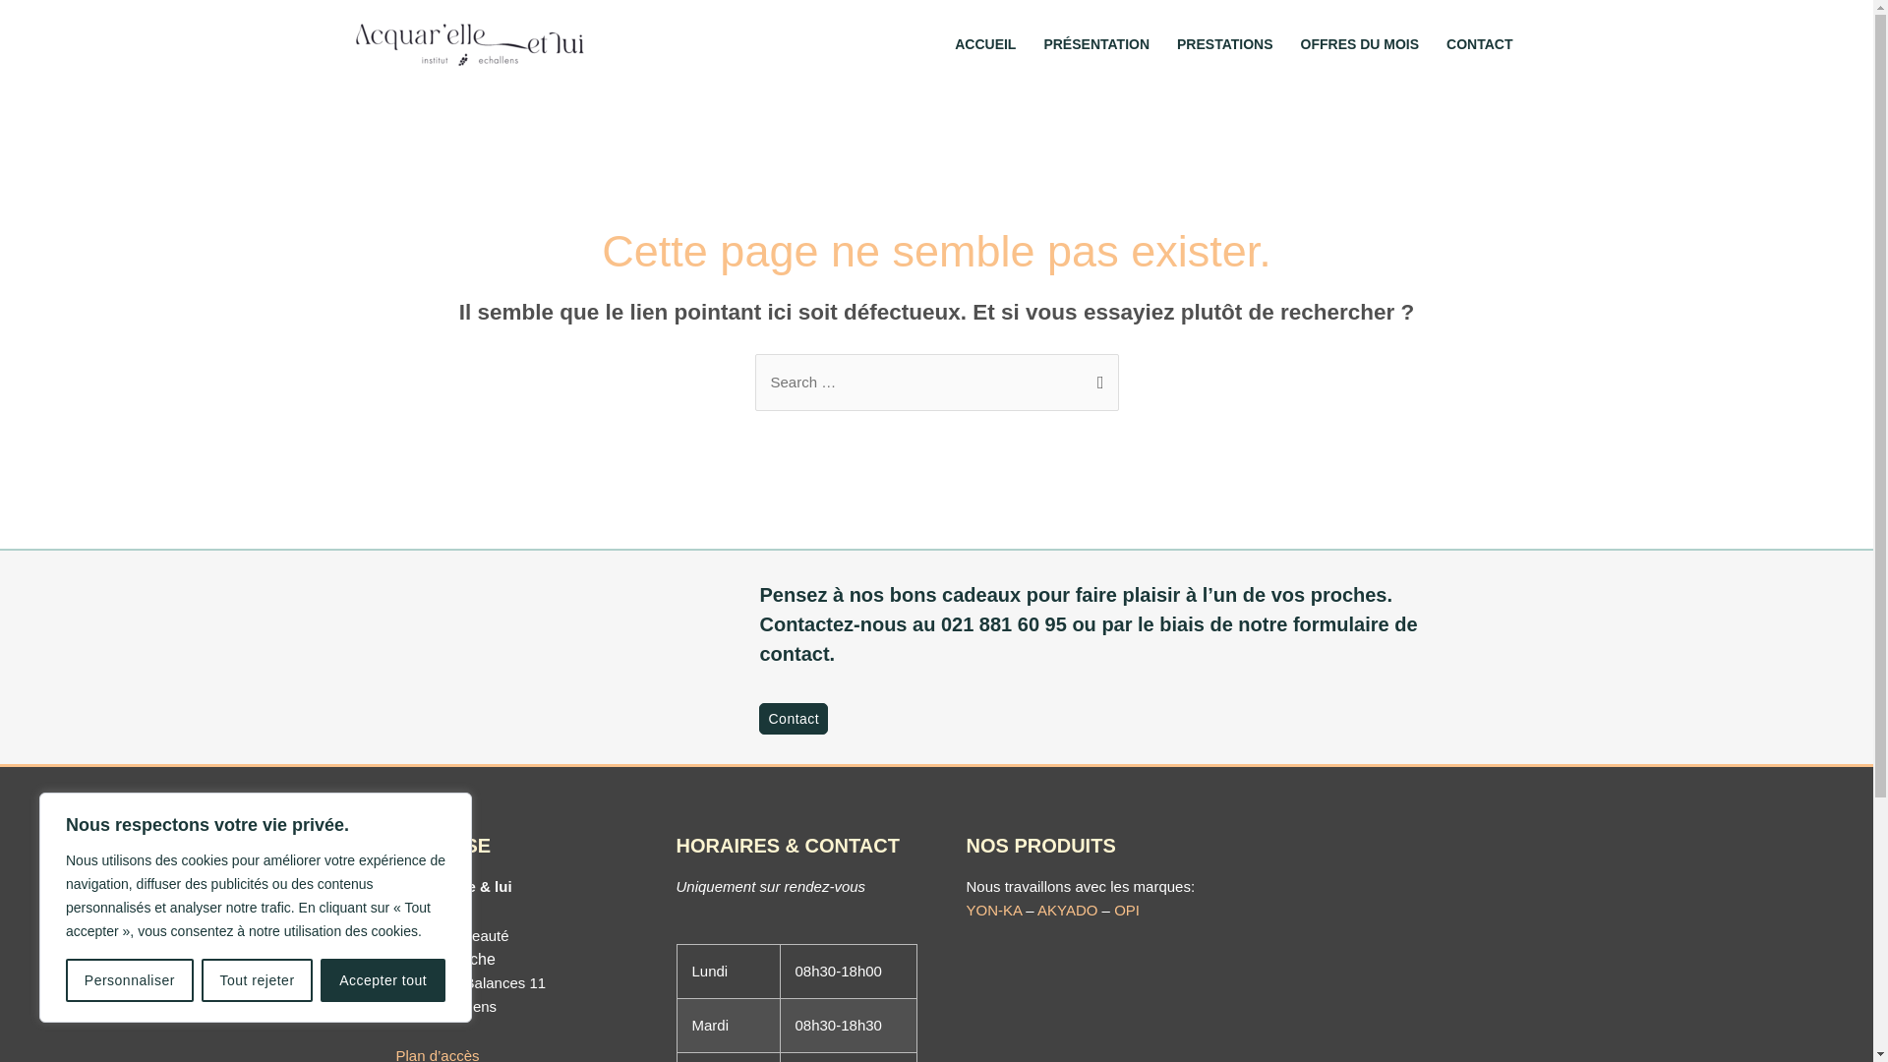  What do you see at coordinates (1066, 910) in the screenshot?
I see `'AKYADO'` at bounding box center [1066, 910].